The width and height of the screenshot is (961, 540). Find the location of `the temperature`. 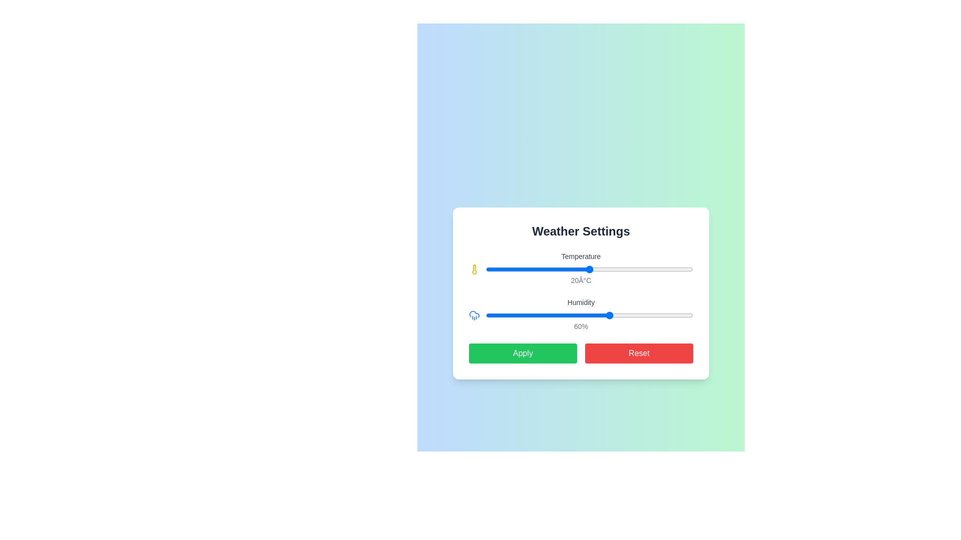

the temperature is located at coordinates (548, 269).